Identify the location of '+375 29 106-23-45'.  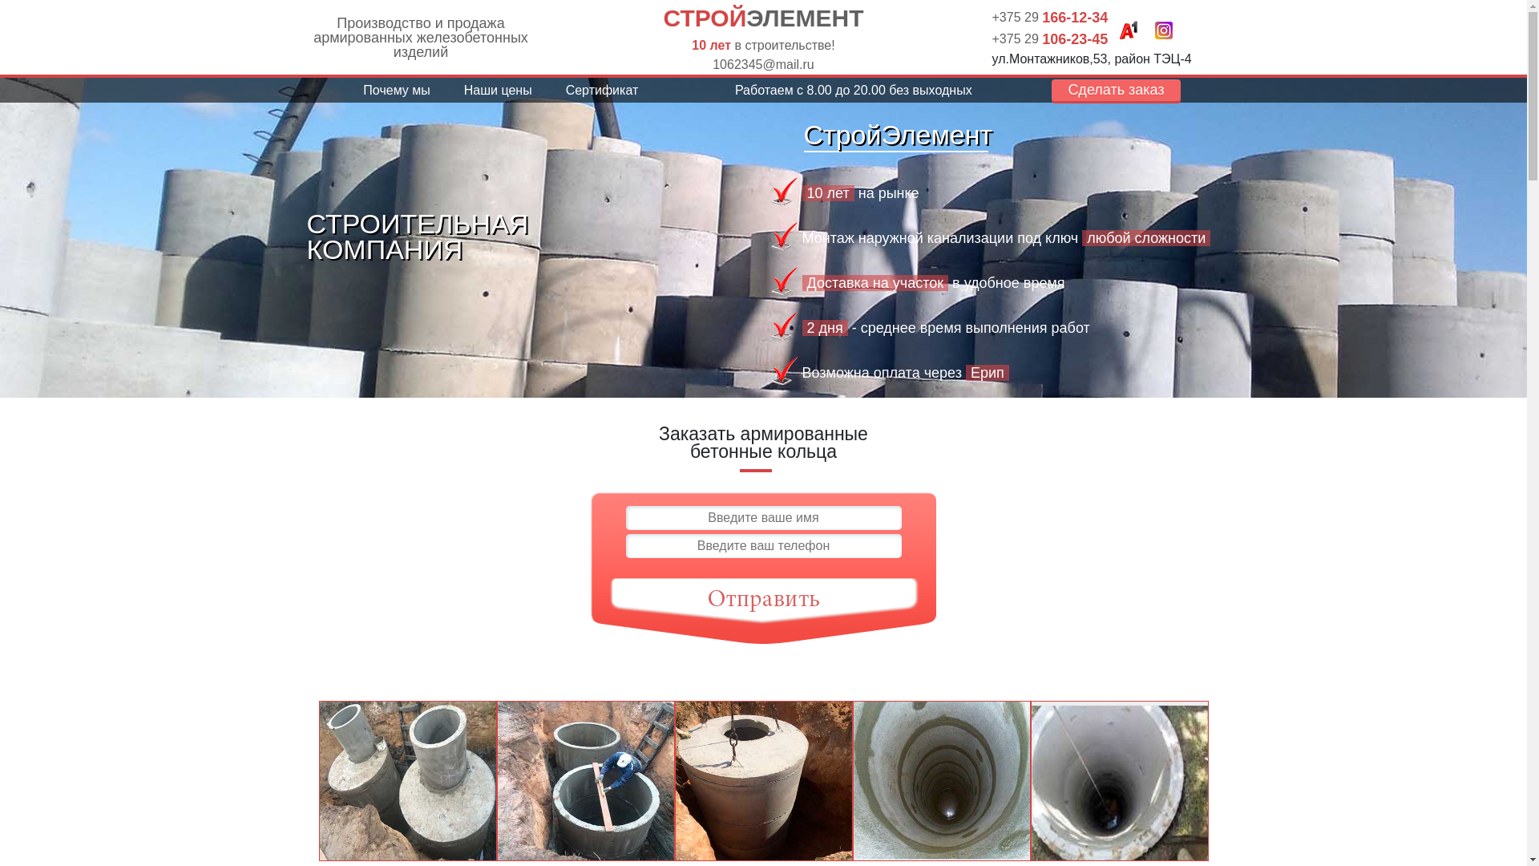
(1050, 37).